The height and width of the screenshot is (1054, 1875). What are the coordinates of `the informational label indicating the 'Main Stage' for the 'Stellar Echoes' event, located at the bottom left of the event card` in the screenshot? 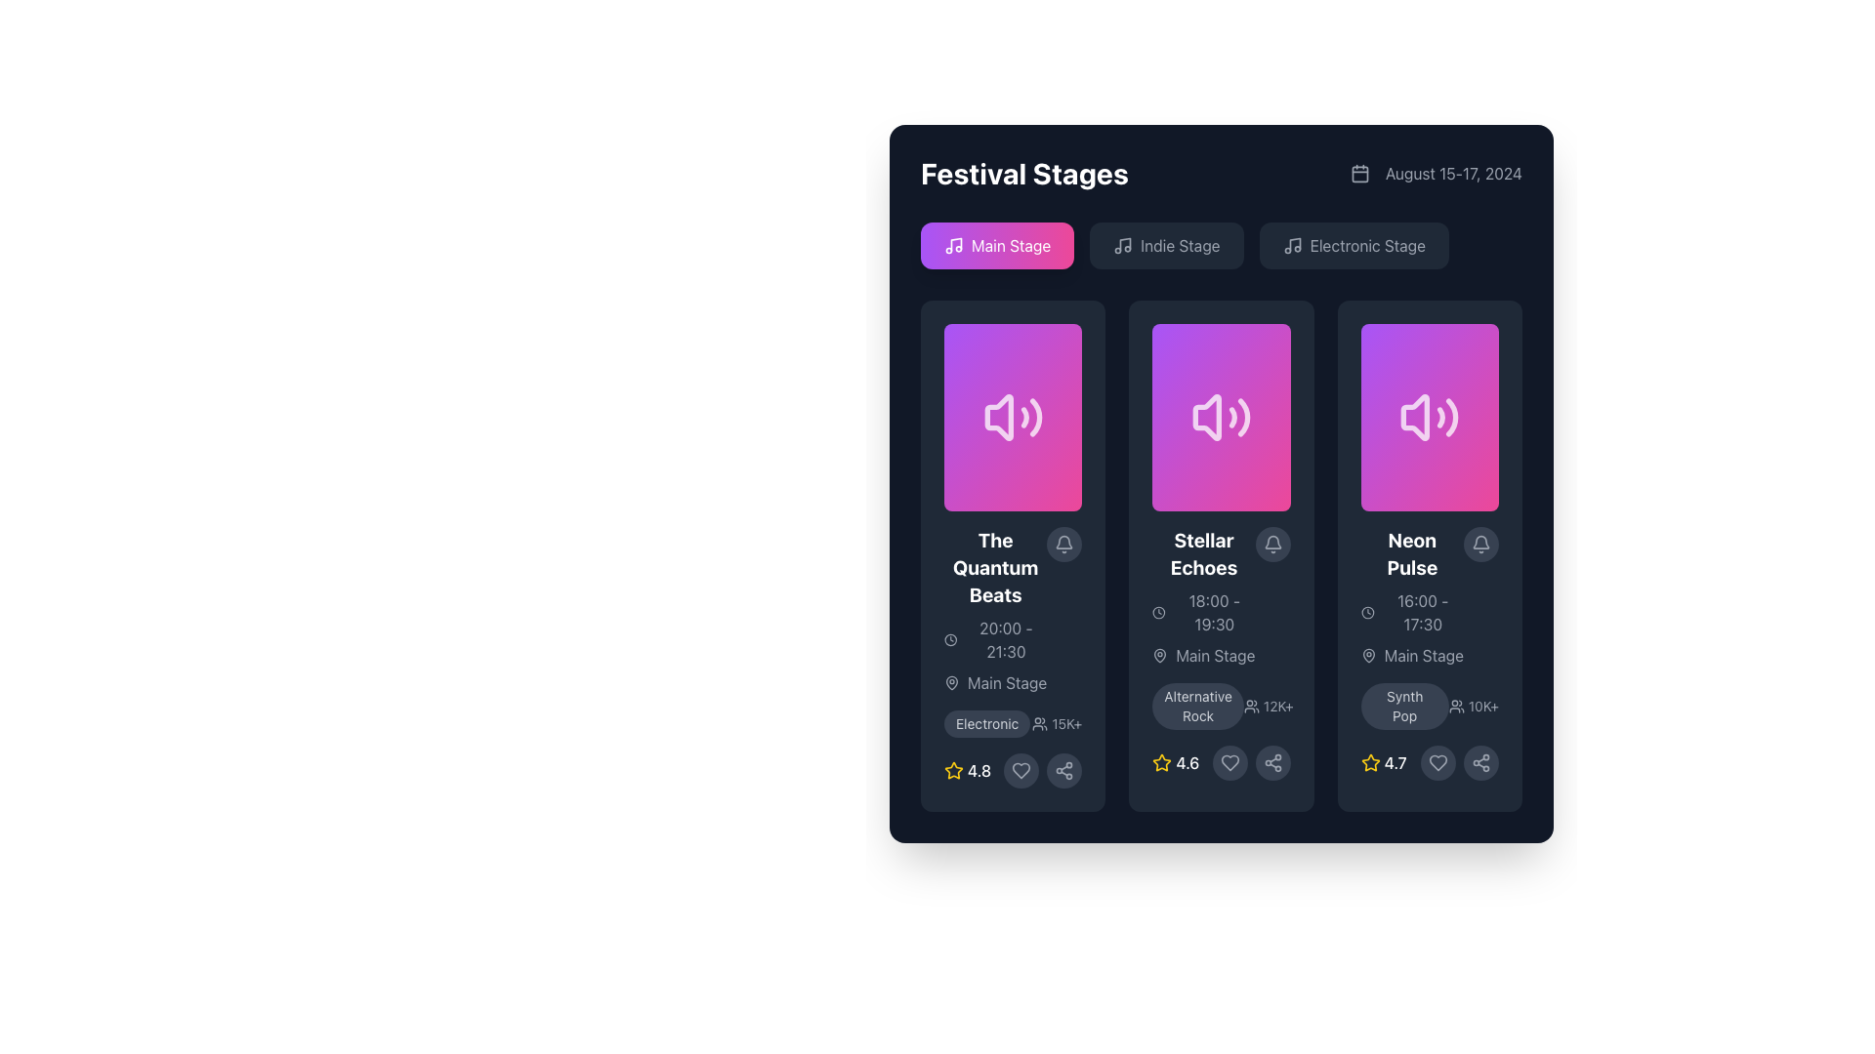 It's located at (1203, 655).